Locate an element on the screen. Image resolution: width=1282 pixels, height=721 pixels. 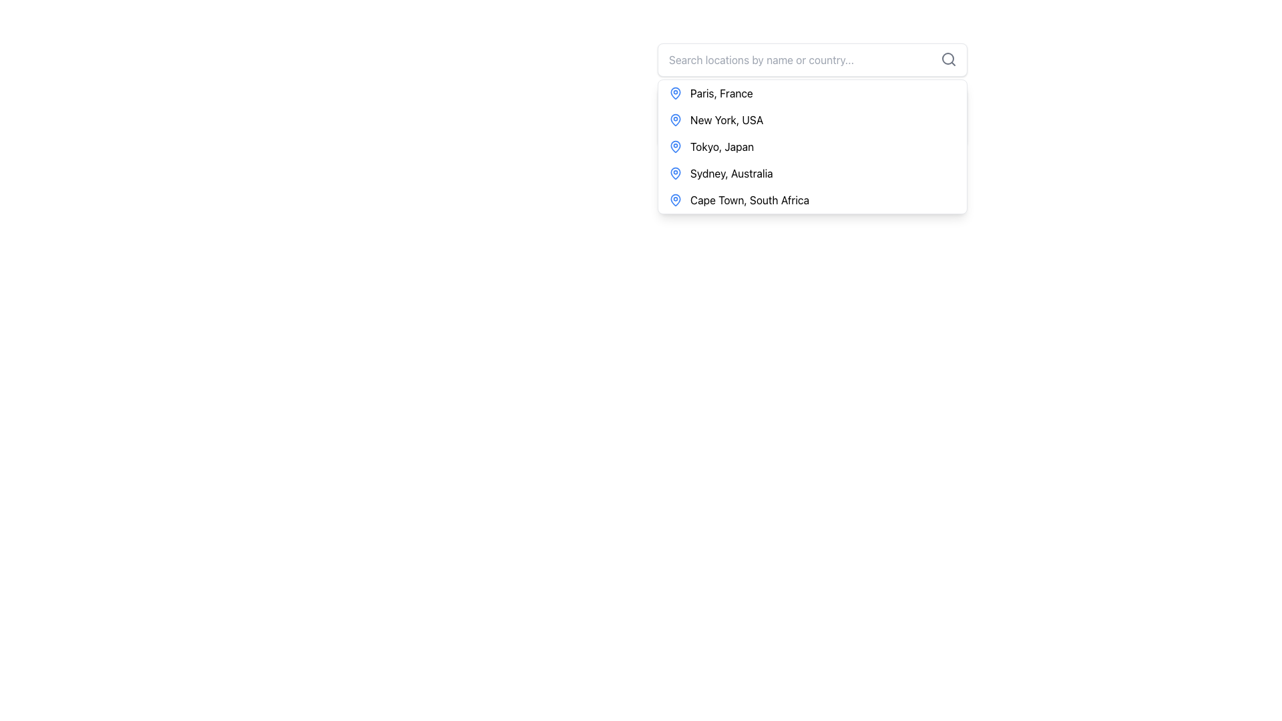
the text label 'New York, USA' in the dropdown menu is located at coordinates (726, 120).